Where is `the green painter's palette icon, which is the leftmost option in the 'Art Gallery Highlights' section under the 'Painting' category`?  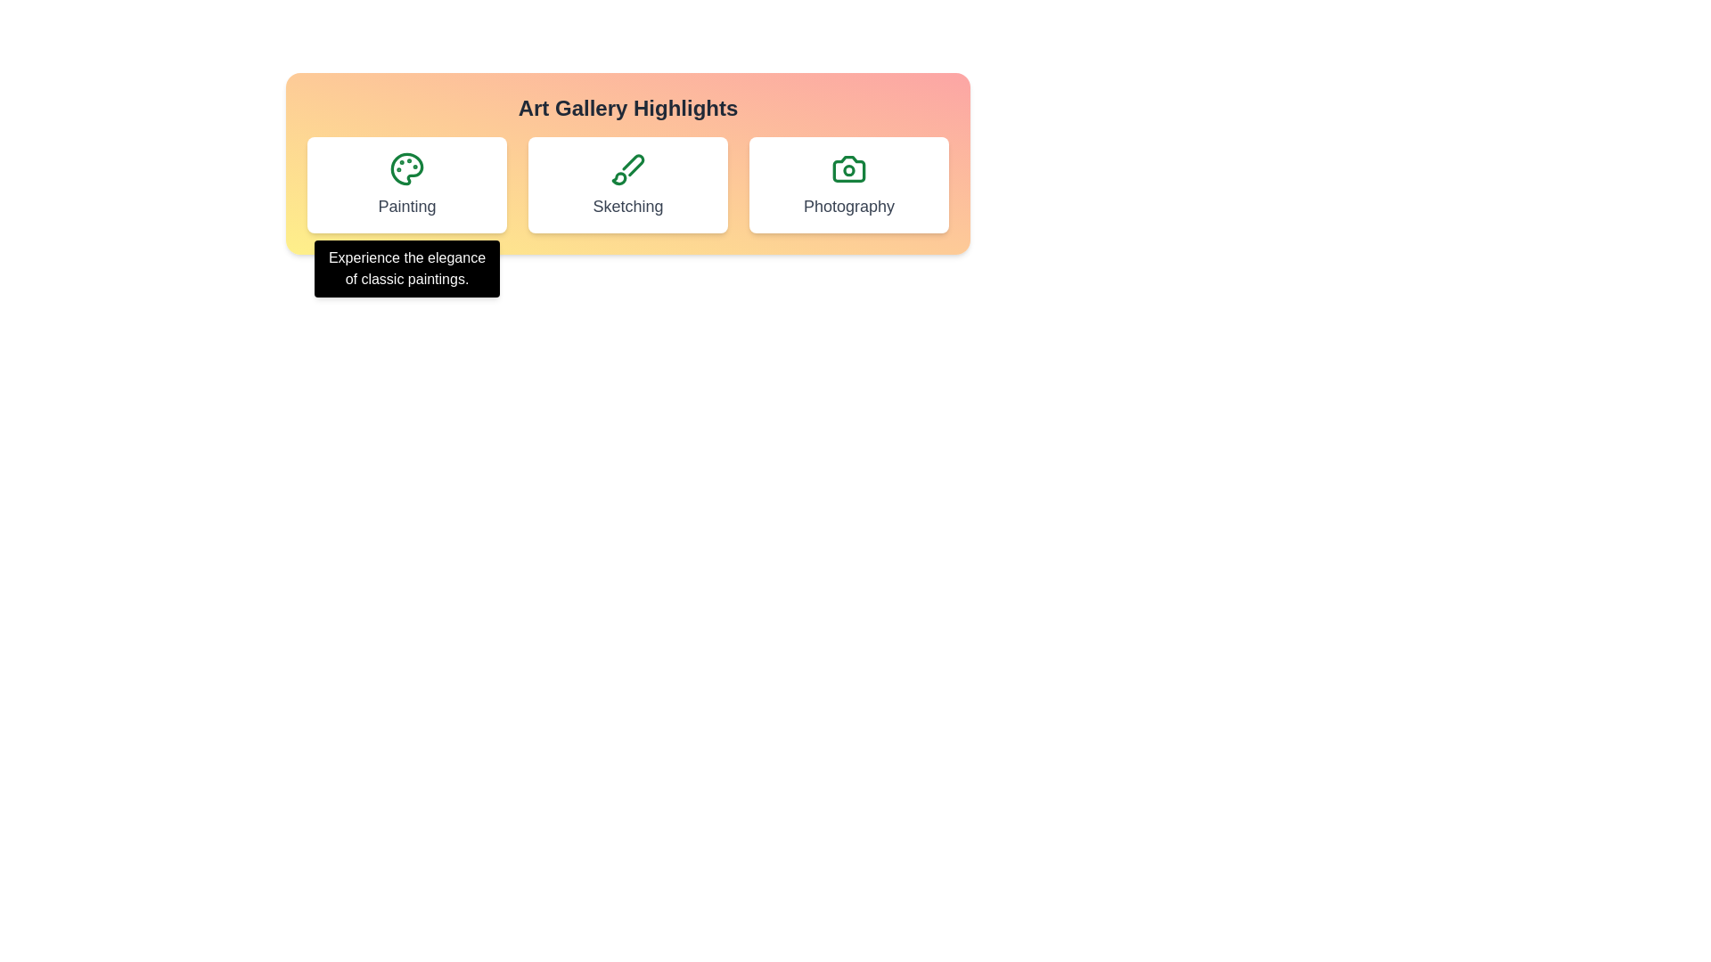 the green painter's palette icon, which is the leftmost option in the 'Art Gallery Highlights' section under the 'Painting' category is located at coordinates (405, 168).